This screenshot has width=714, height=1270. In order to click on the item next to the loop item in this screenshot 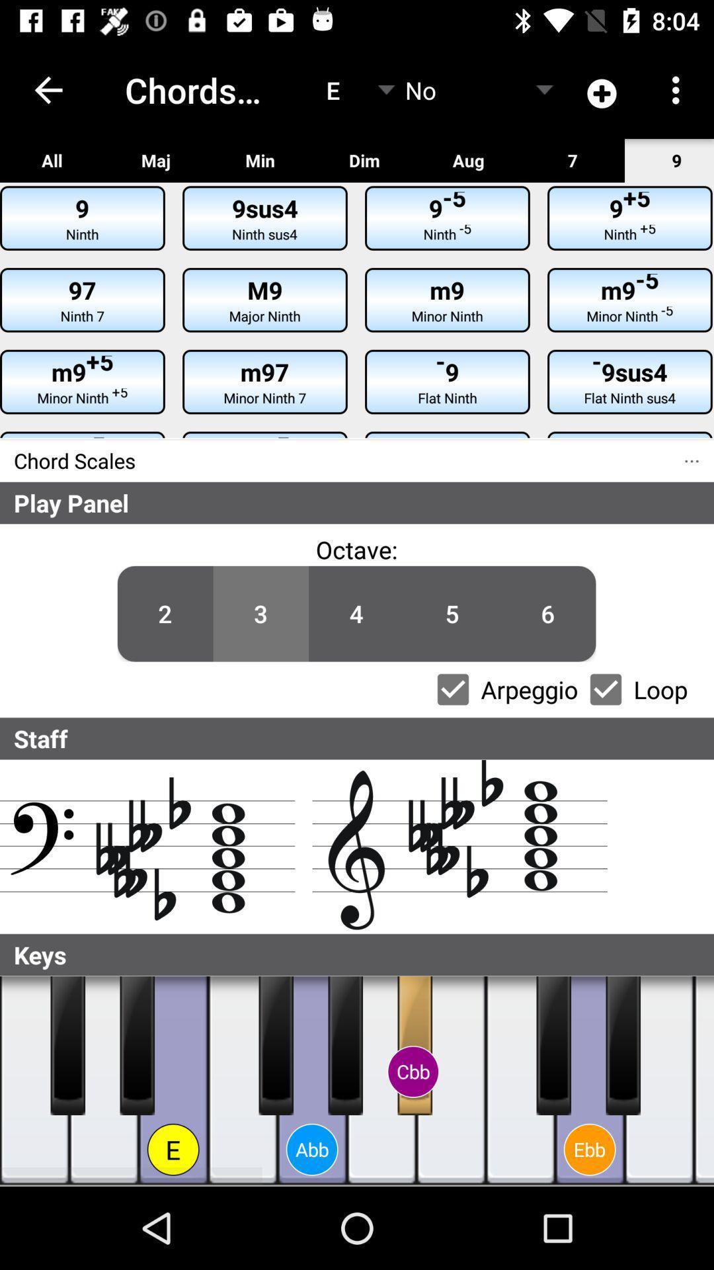, I will do `click(606, 689)`.